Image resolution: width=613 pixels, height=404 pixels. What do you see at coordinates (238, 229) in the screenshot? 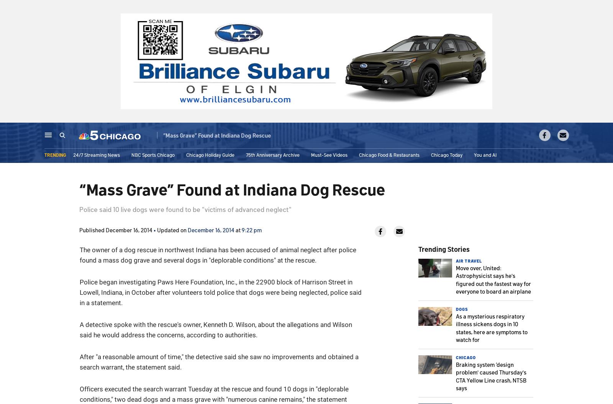
I see `'at'` at bounding box center [238, 229].